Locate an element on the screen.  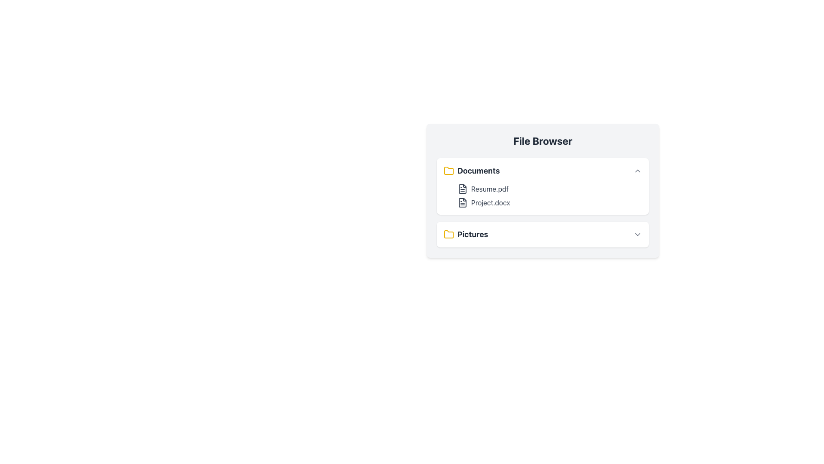
the document icon representing 'Project.docx' in the 'Documents' section of the File Browser is located at coordinates (462, 202).